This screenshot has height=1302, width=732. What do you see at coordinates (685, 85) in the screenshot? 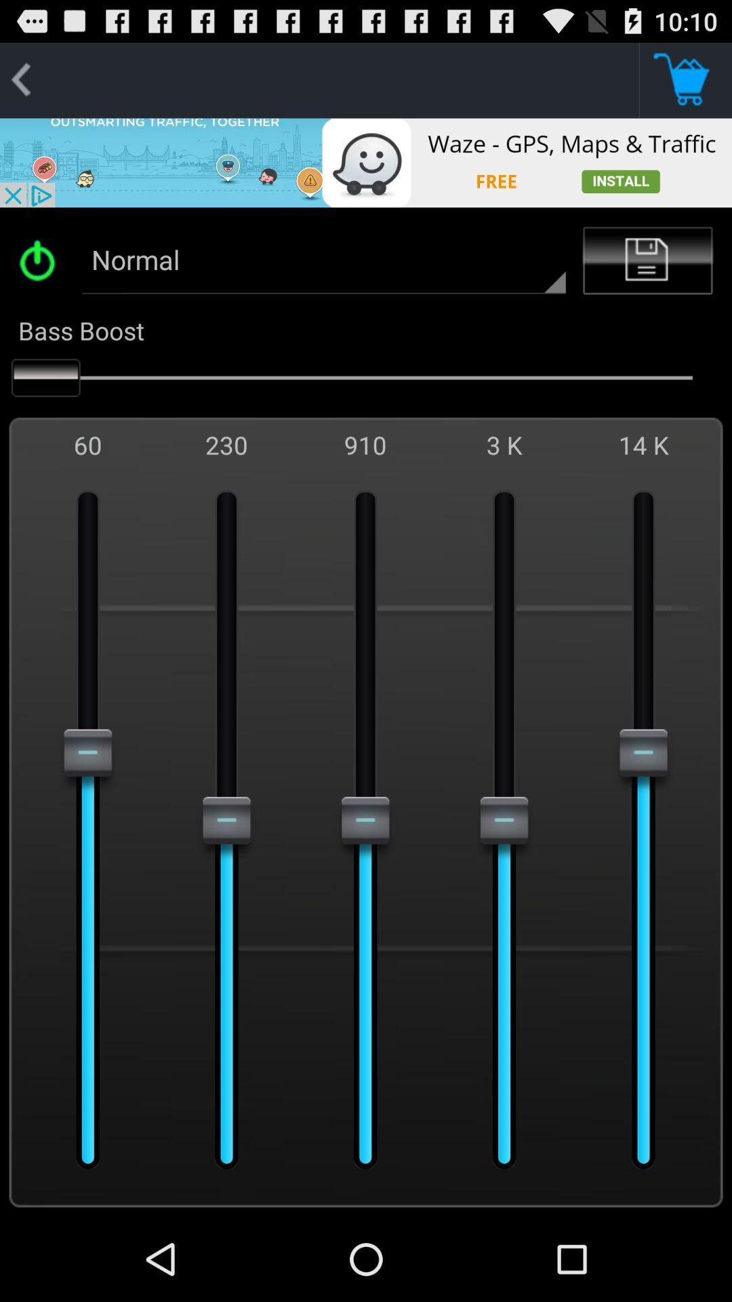
I see `the cart icon` at bounding box center [685, 85].